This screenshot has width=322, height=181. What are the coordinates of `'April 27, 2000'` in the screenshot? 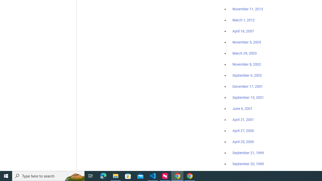 It's located at (243, 130).